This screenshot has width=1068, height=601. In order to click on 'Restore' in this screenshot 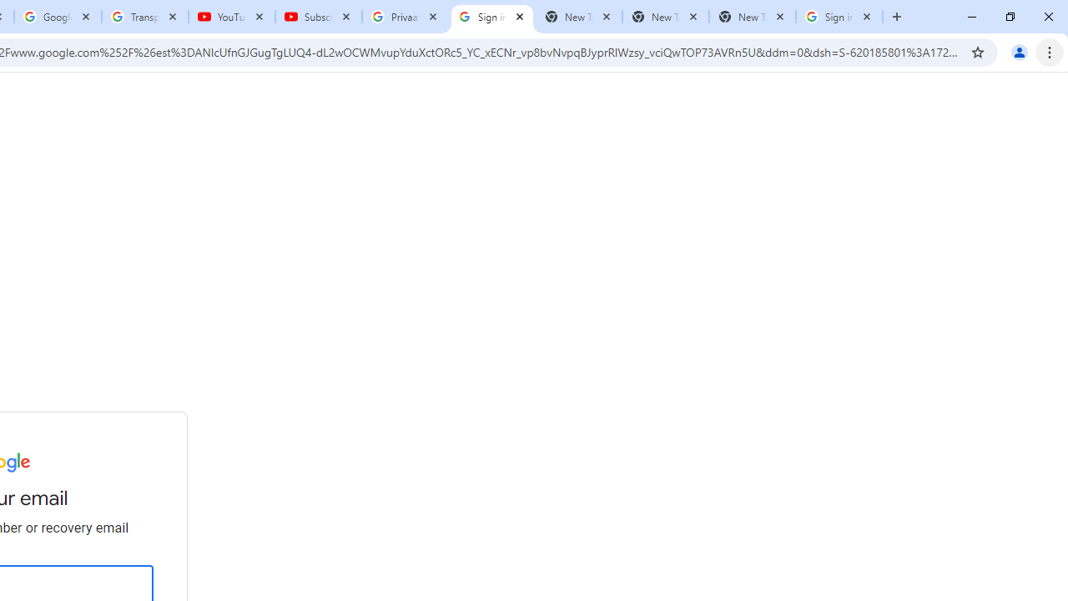, I will do `click(1009, 17)`.